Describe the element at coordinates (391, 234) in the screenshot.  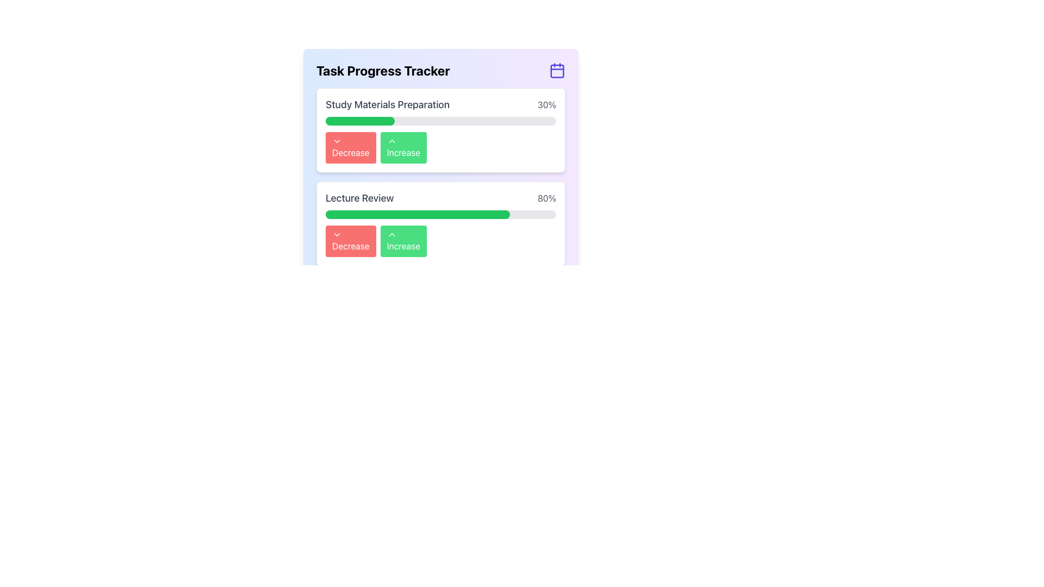
I see `the upward-pointing chevron icon inside the green 'Increase' button, which is positioned to the right of the red 'Decrease' button` at that location.